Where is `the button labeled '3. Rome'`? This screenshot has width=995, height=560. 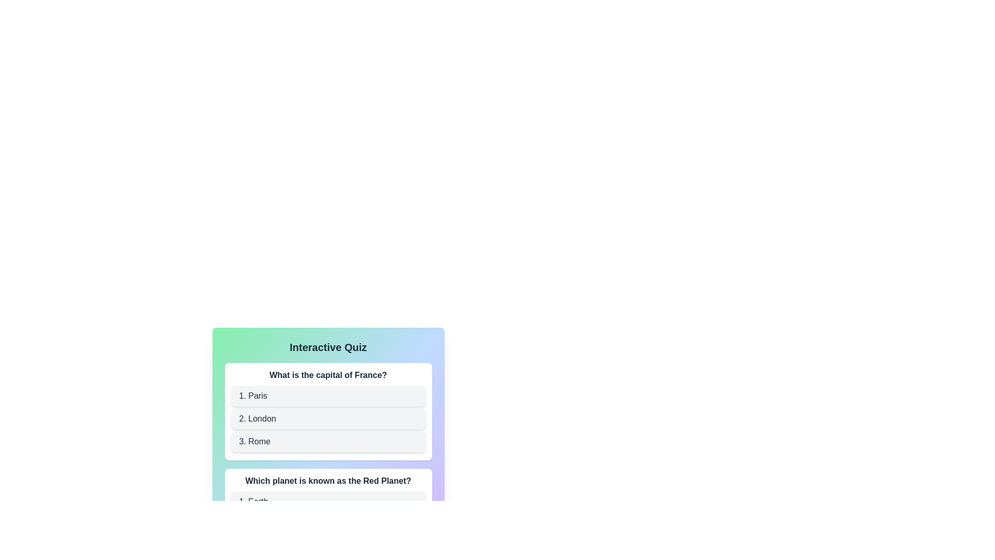 the button labeled '3. Rome' is located at coordinates (328, 442).